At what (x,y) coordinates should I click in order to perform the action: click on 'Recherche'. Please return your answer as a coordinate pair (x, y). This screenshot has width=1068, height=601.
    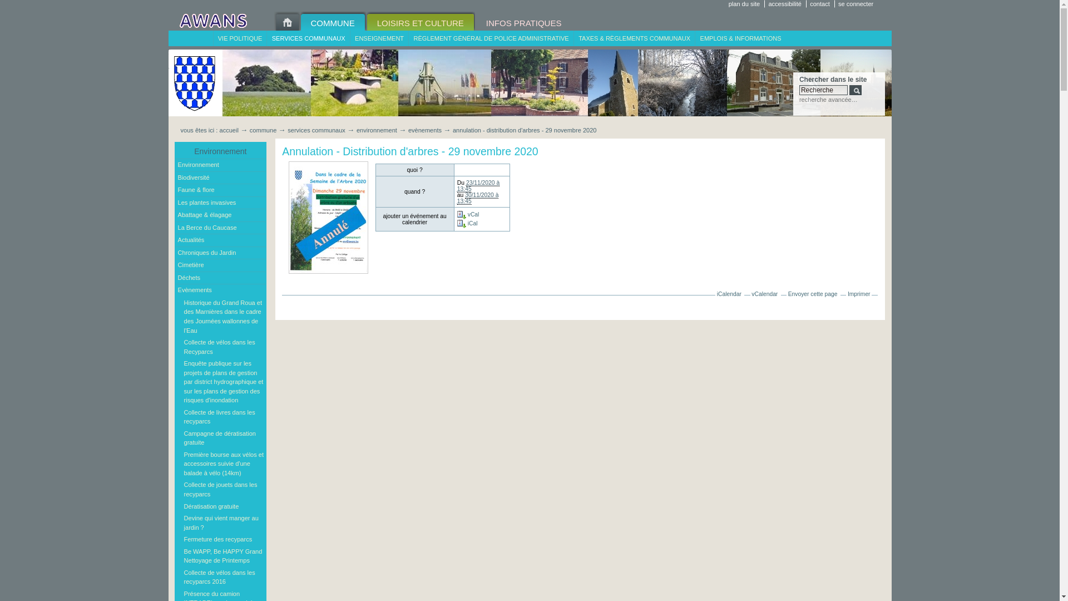
    Looking at the image, I should click on (823, 90).